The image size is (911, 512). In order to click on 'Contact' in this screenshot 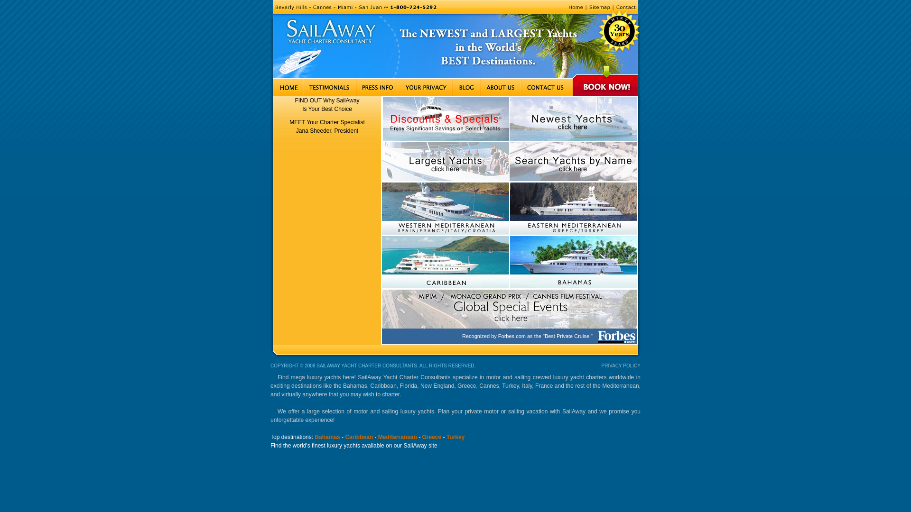, I will do `click(613, 7)`.